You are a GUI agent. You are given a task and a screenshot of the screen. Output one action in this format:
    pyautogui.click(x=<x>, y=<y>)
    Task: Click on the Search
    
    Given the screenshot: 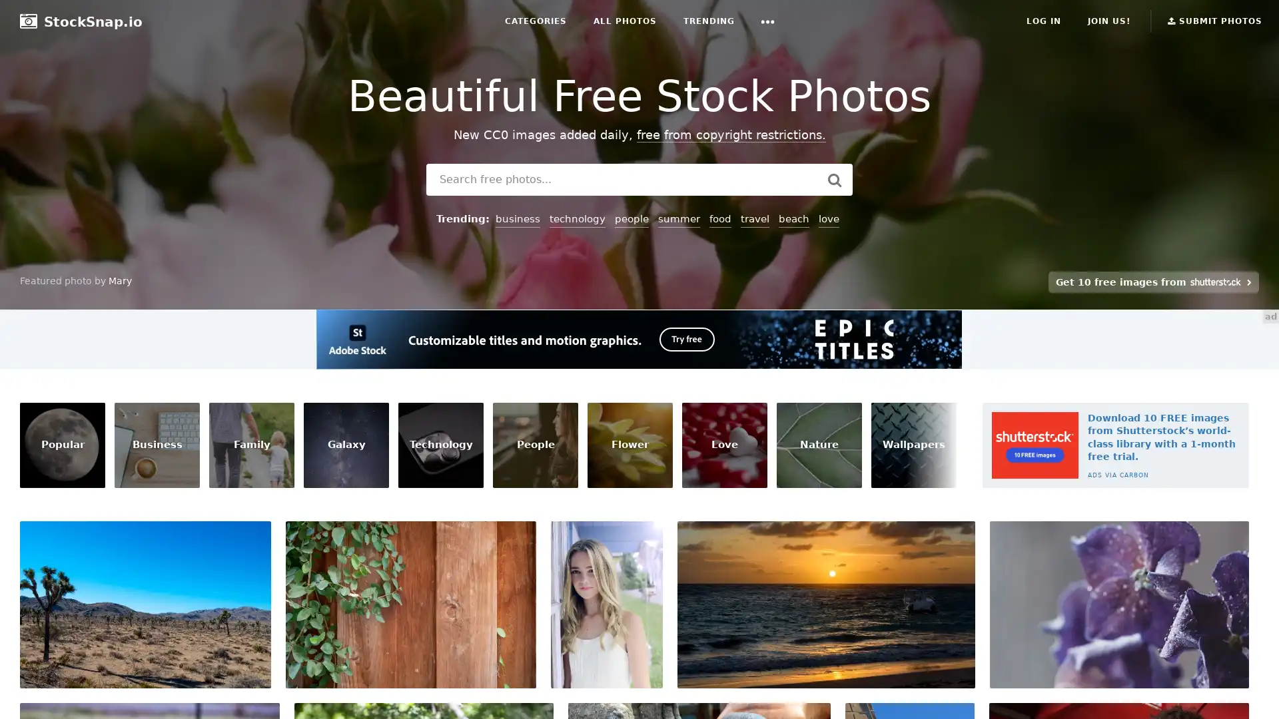 What is the action you would take?
    pyautogui.click(x=833, y=180)
    